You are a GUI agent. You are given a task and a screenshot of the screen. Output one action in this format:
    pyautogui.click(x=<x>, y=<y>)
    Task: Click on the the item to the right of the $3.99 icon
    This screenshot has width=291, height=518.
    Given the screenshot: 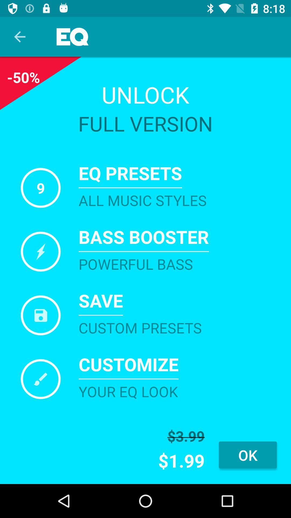 What is the action you would take?
    pyautogui.click(x=248, y=455)
    